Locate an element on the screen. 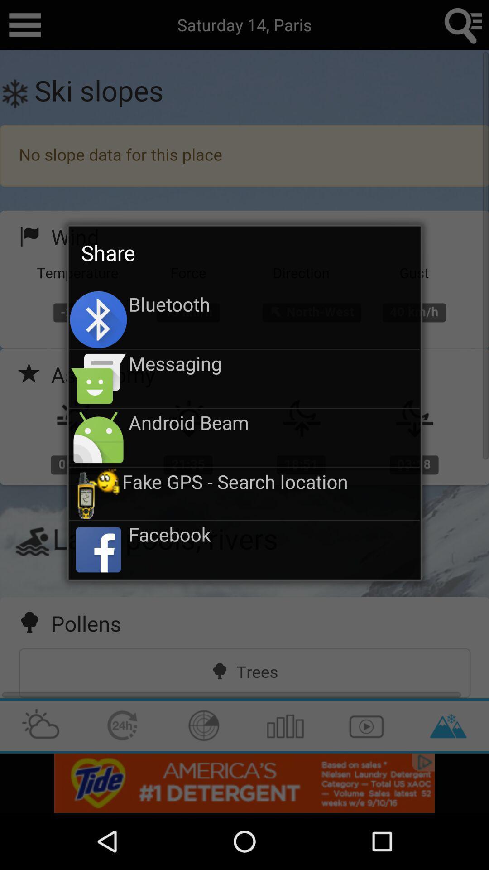 The height and width of the screenshot is (870, 489). the facebook app is located at coordinates (273, 534).